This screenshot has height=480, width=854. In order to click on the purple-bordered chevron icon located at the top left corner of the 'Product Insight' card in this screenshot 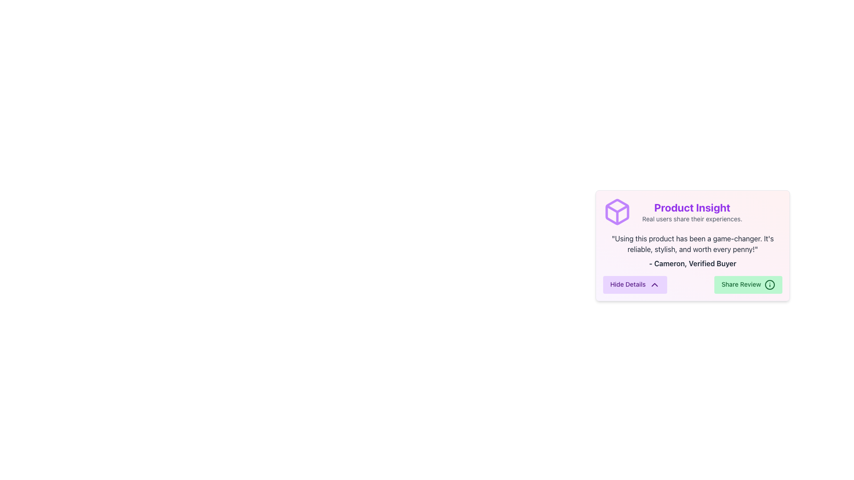, I will do `click(616, 209)`.